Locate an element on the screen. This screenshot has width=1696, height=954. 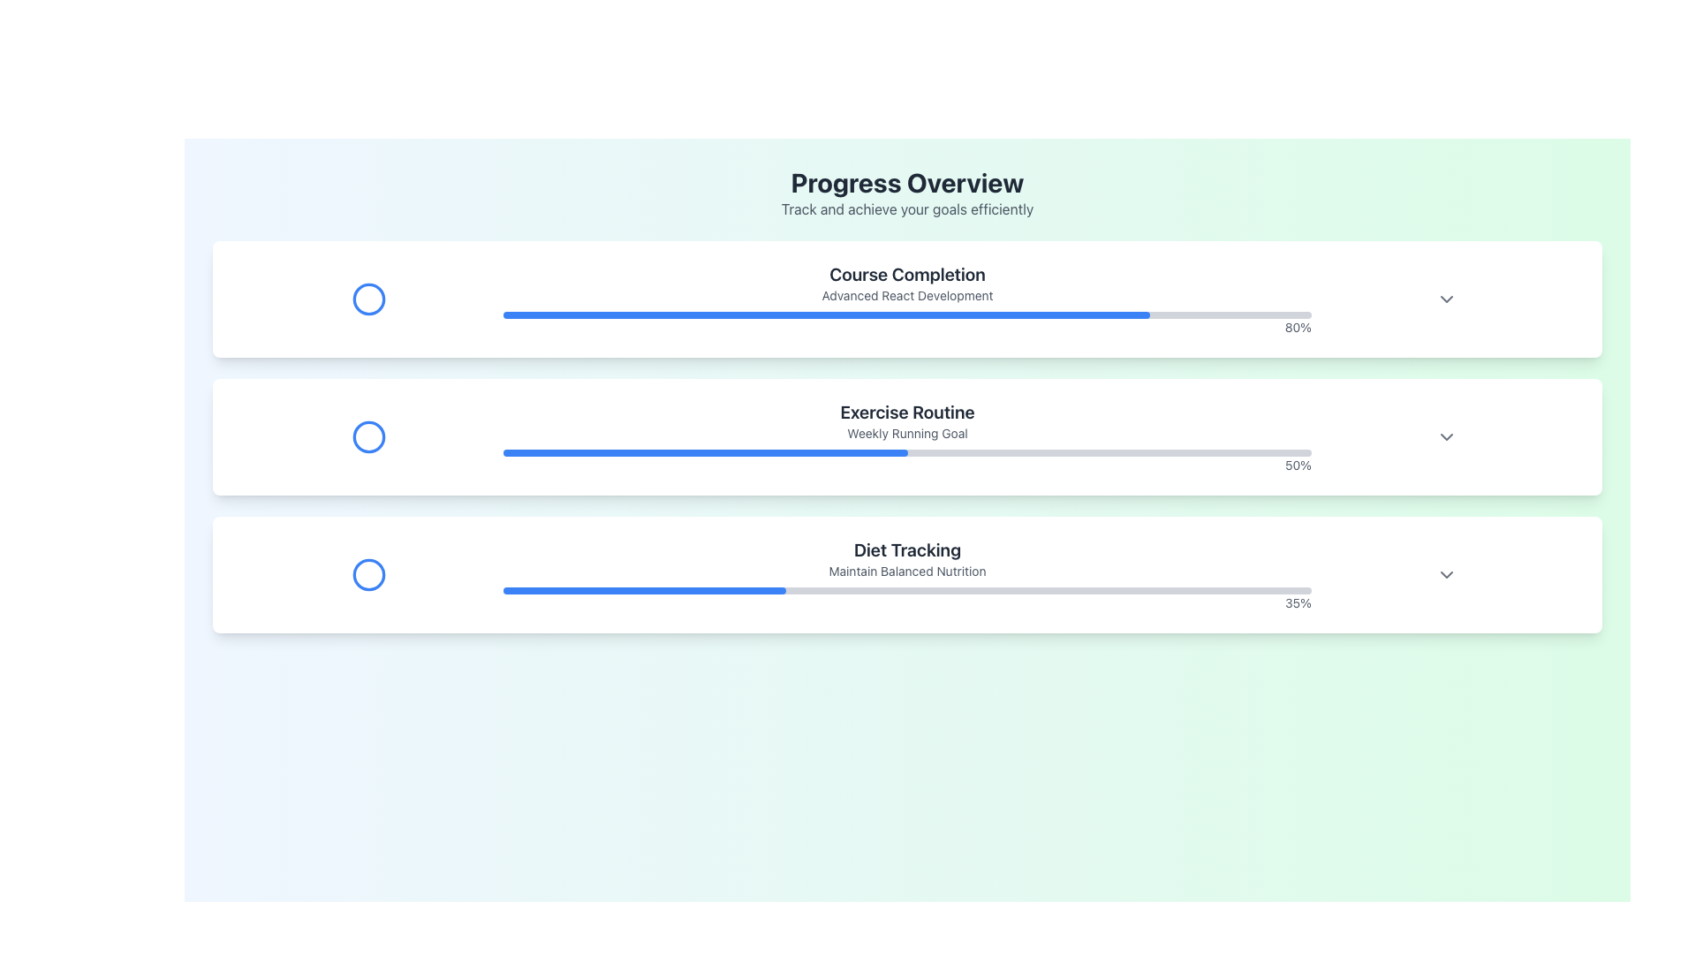
completion percentage displayed as '35%' on the right end of the progress bar in the 'Diet Tracking' section is located at coordinates (907, 598).